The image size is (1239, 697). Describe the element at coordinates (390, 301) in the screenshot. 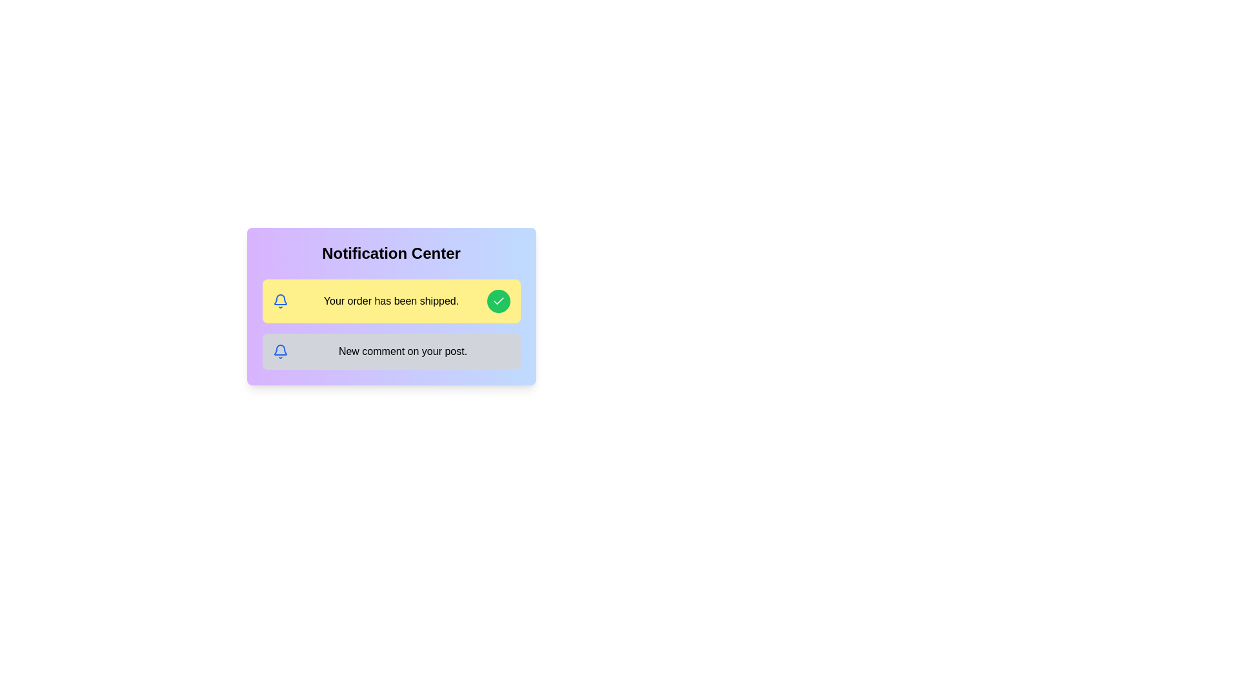

I see `notification text from the notification block titled 'Your order has been shipped.', which is the first item in a vertically-stacked list of notifications` at that location.